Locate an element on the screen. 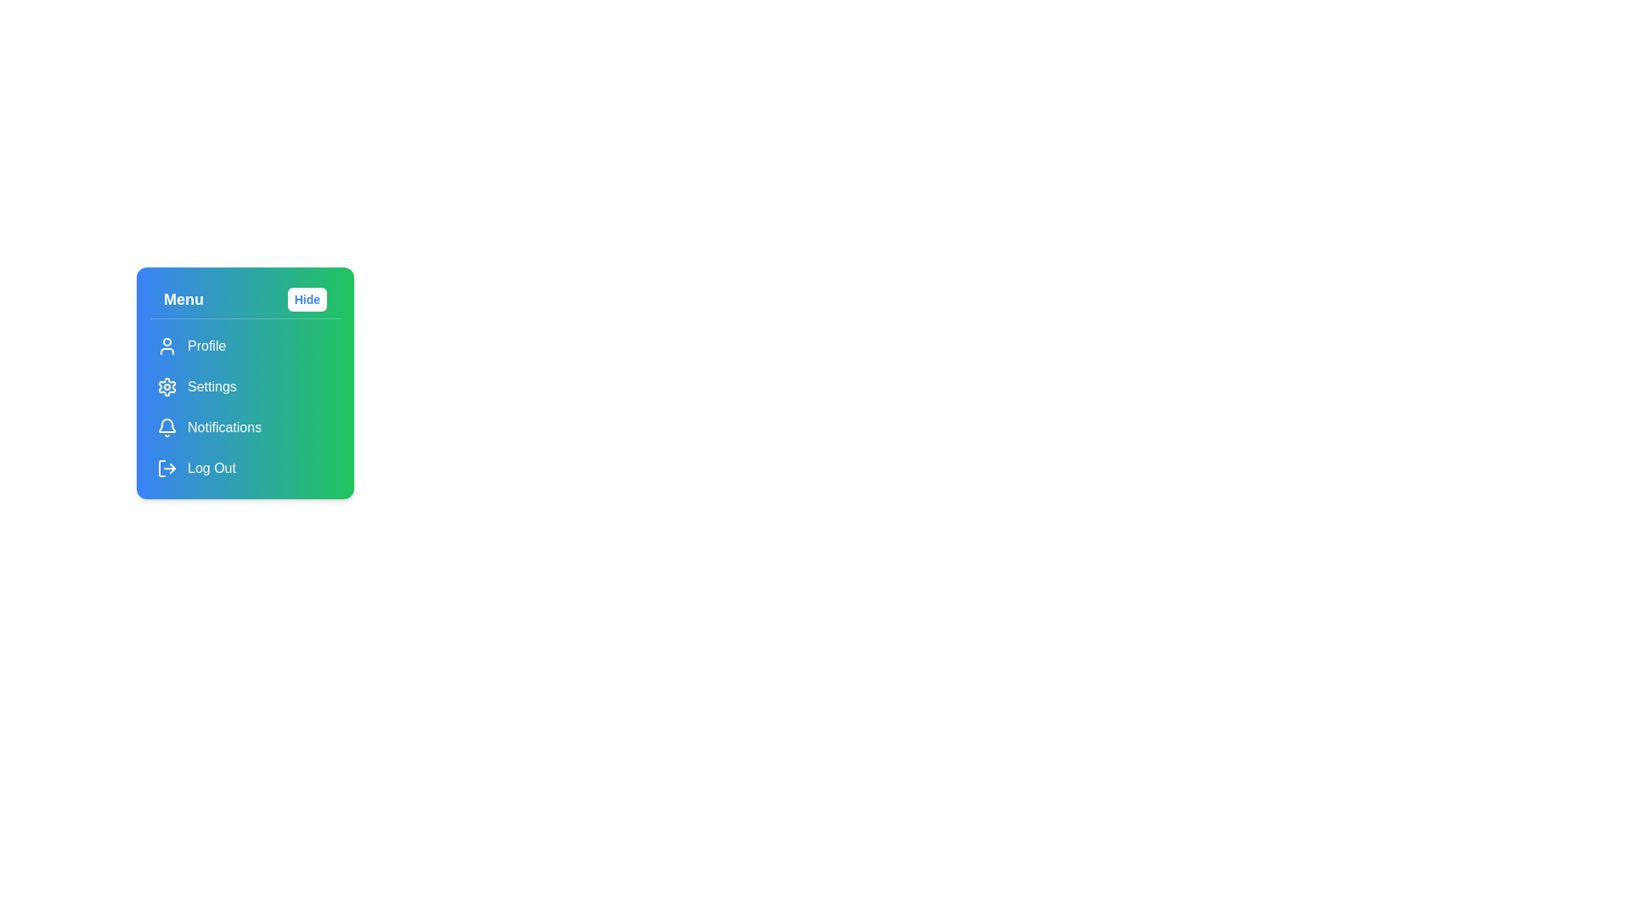  the 'Log Out' label element, which is styled in white text on a gradient blue-green background and is located at the bottom of the vertical menu is located at coordinates (211, 468).